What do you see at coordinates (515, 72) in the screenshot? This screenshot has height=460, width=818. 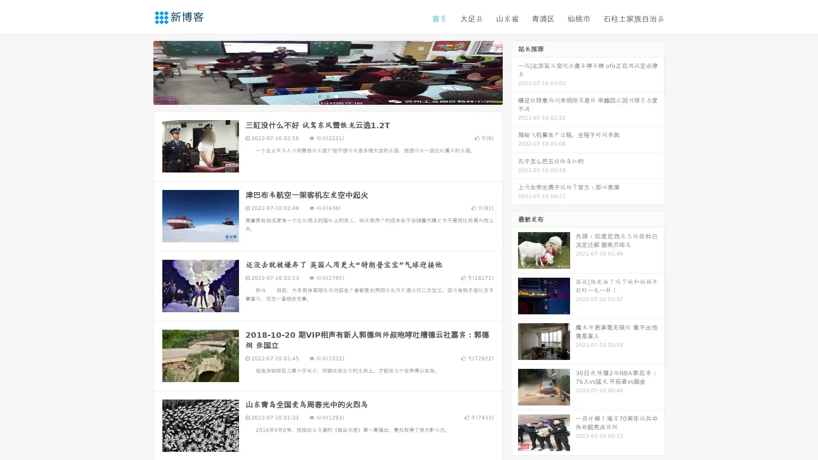 I see `Next slide` at bounding box center [515, 72].